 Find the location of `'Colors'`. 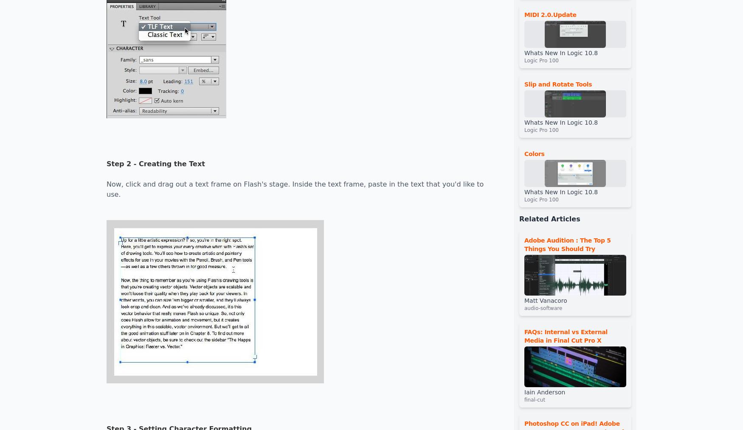

'Colors' is located at coordinates (534, 154).